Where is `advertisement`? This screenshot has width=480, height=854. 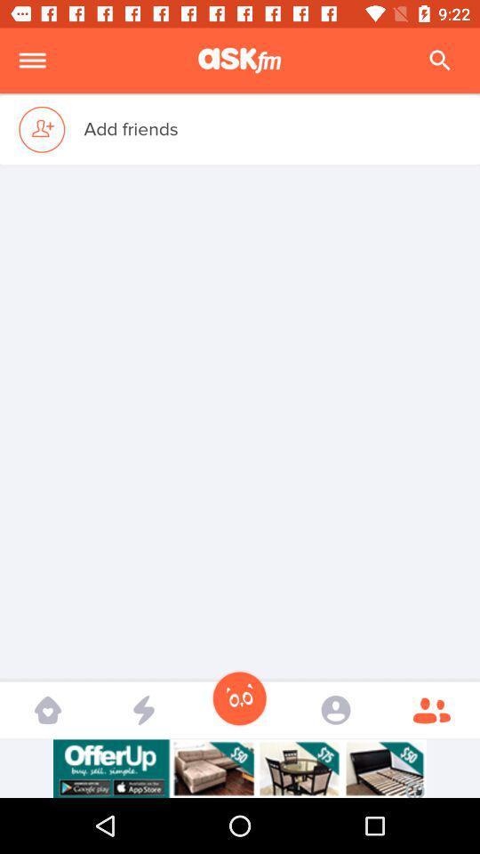
advertisement is located at coordinates (240, 768).